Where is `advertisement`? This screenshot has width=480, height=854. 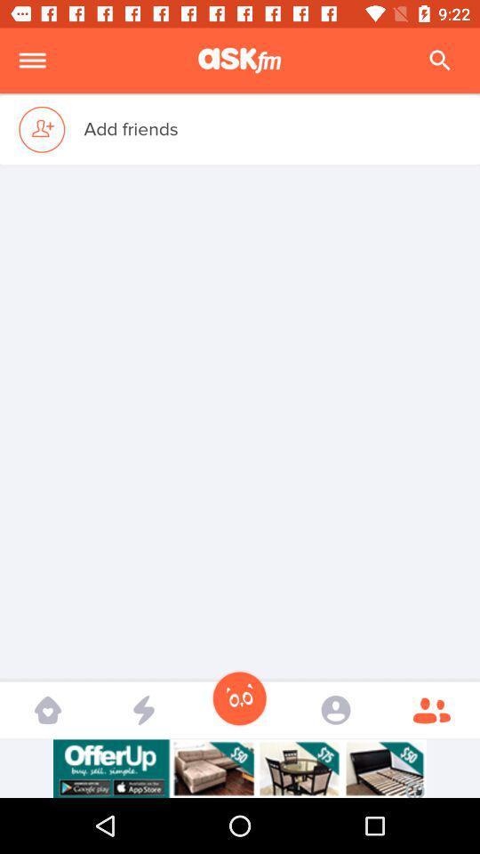
advertisement is located at coordinates (240, 768).